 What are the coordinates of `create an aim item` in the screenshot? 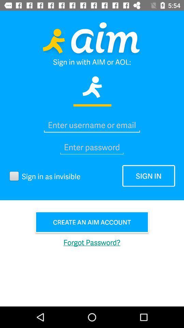 It's located at (92, 222).